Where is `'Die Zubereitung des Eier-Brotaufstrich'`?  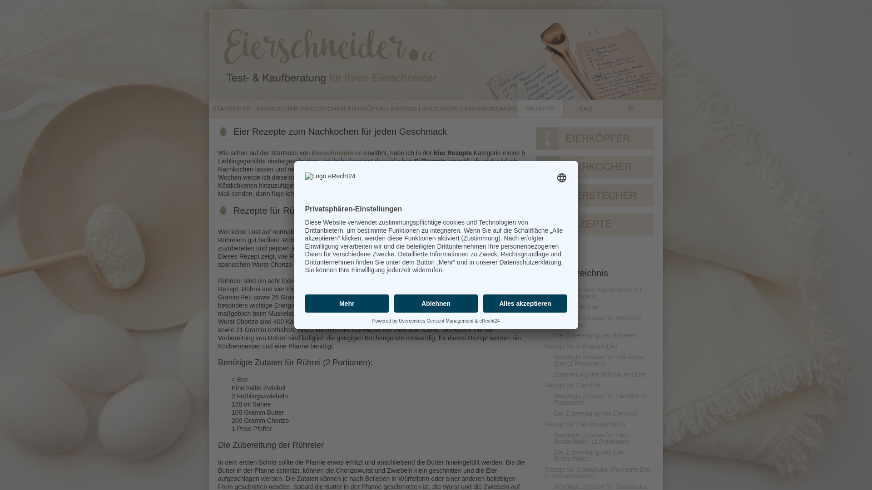
'Die Zubereitung des Eier-Brotaufstrich' is located at coordinates (599, 455).